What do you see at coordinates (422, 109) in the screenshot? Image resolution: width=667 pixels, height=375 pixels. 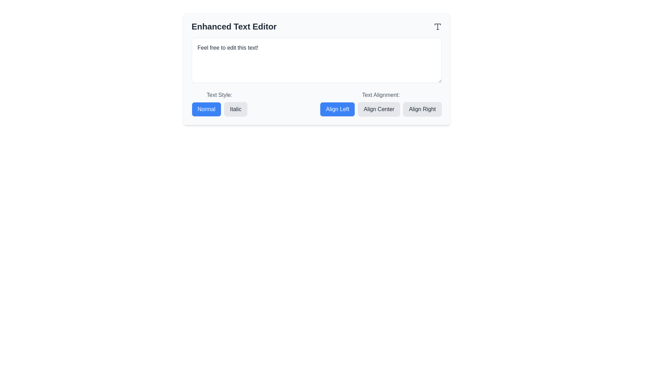 I see `the right alignment button located in the 'Text Alignment' section` at bounding box center [422, 109].